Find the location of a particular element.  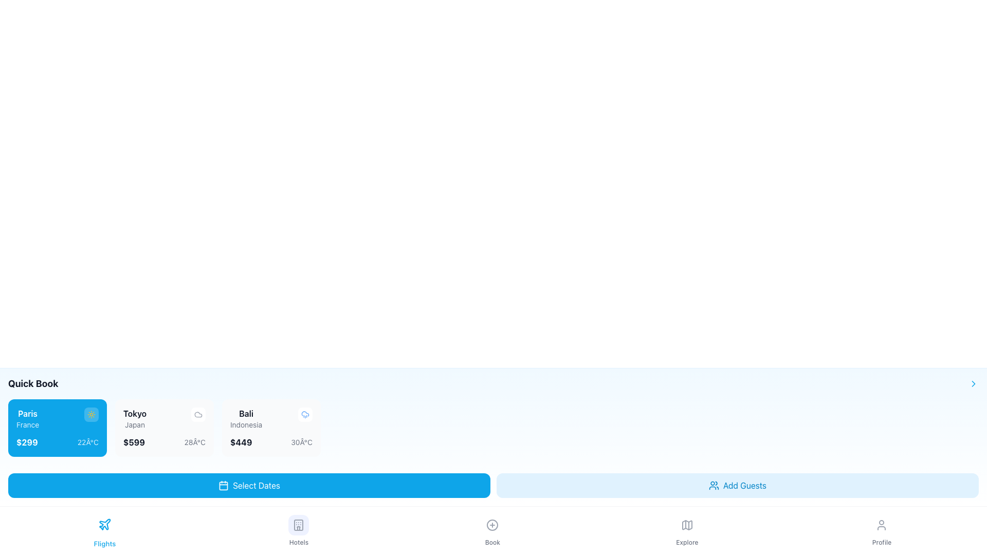

the decorative 'Explore' icon located centrally within the bottom navigation bar, above the text label 'Explore' is located at coordinates (687, 525).